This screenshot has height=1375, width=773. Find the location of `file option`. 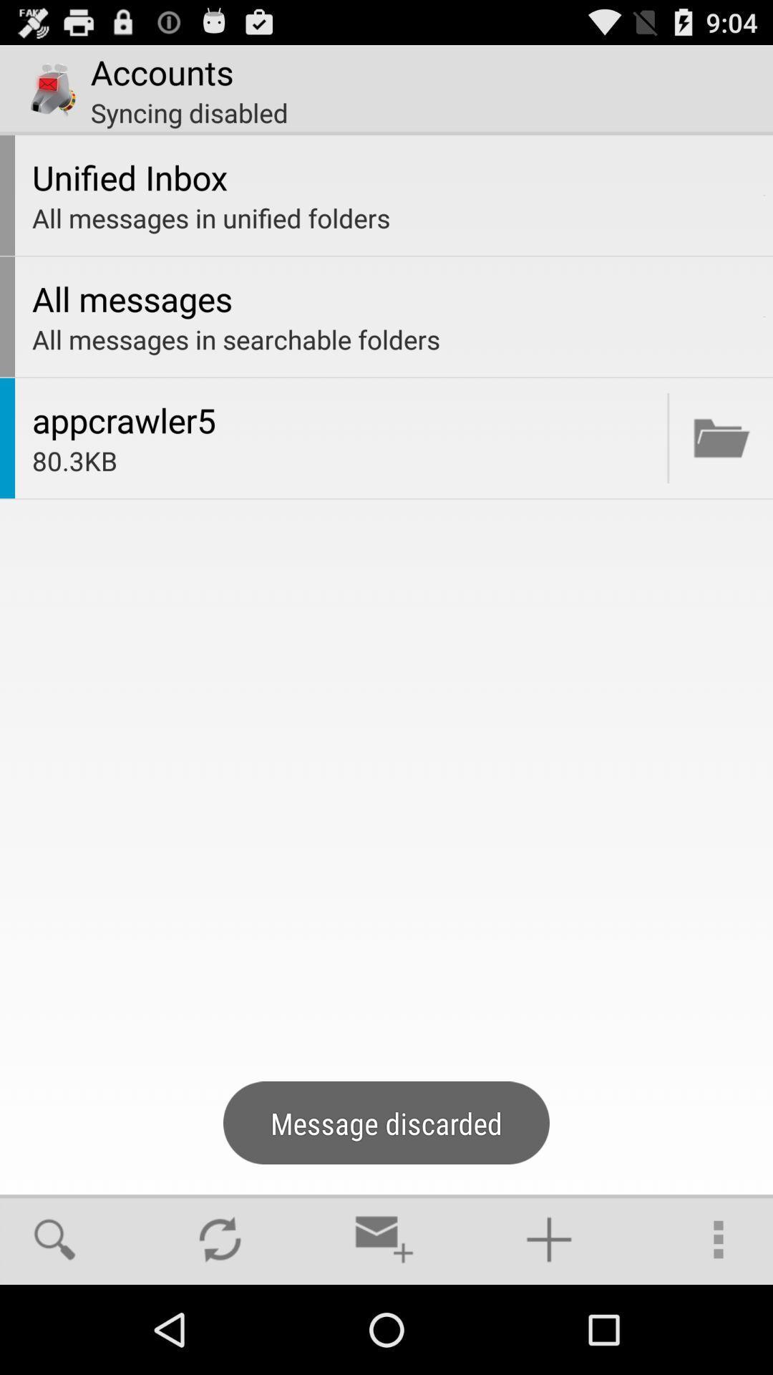

file option is located at coordinates (721, 437).